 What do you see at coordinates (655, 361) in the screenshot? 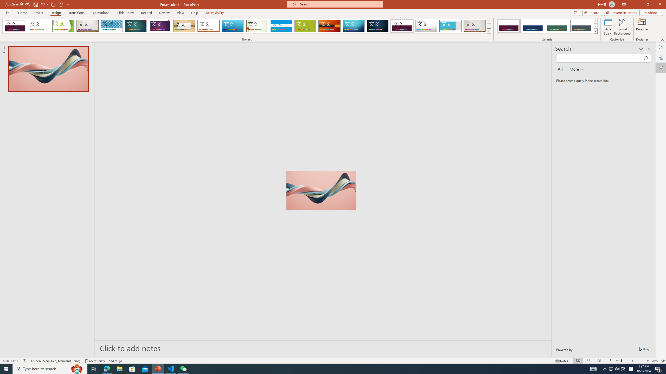
I see `'Zoom 21%'` at bounding box center [655, 361].